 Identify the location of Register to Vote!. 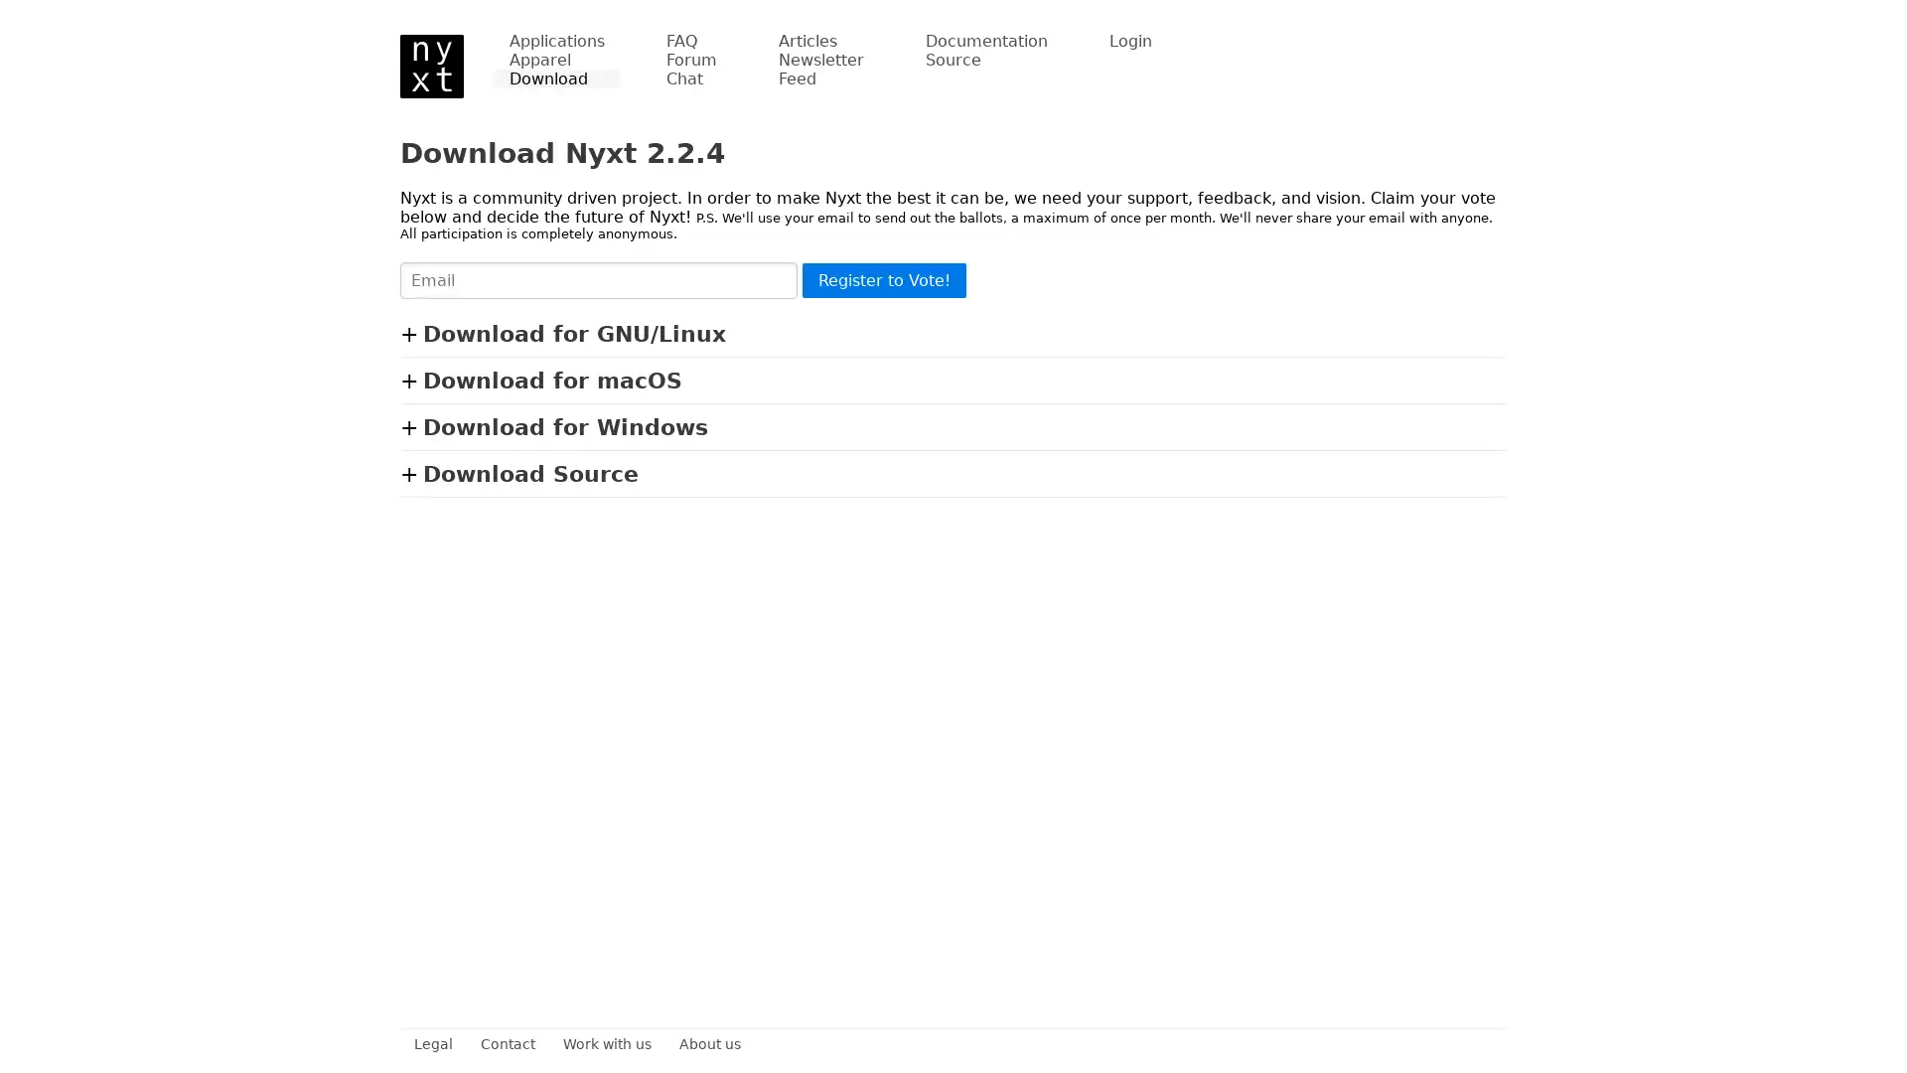
(883, 280).